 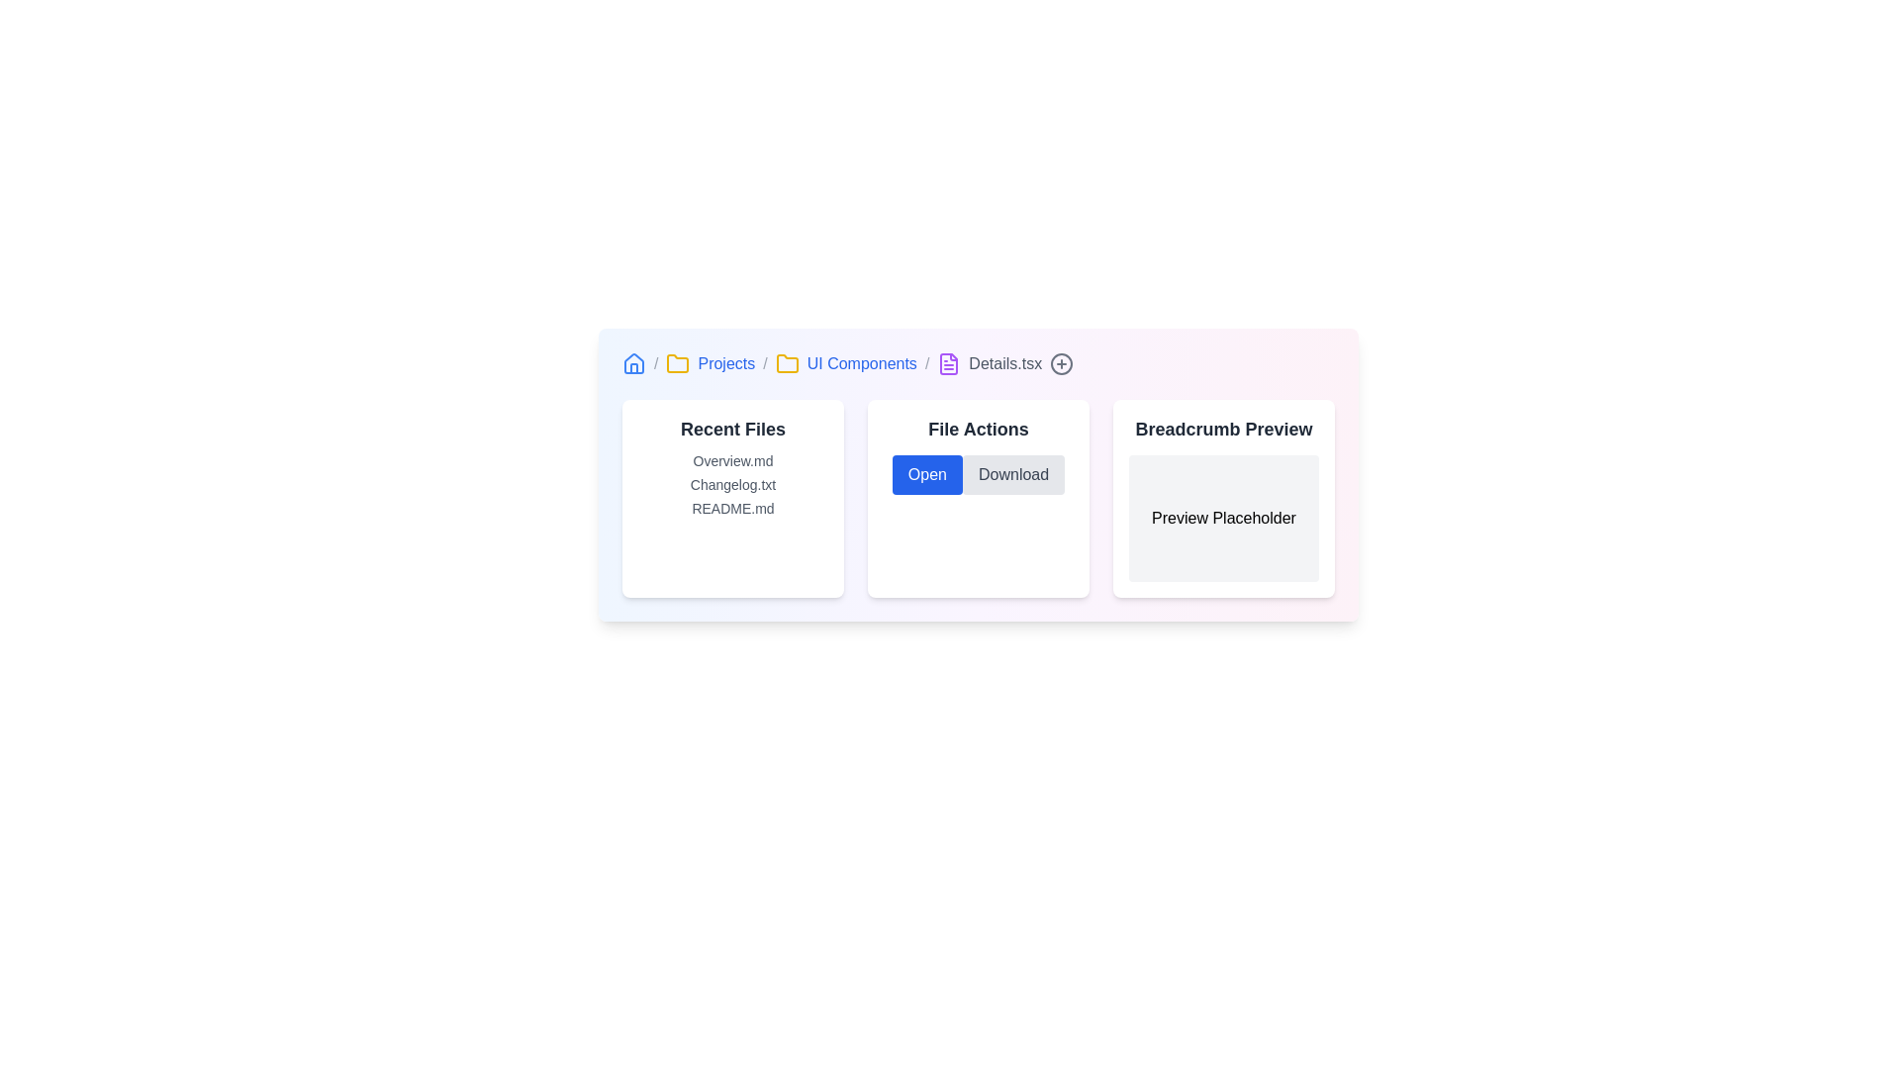 I want to click on the text label 'Overview.md' located in the 'Recent Files' section, which is the first item in a vertical list of three text labels, so click(x=731, y=461).